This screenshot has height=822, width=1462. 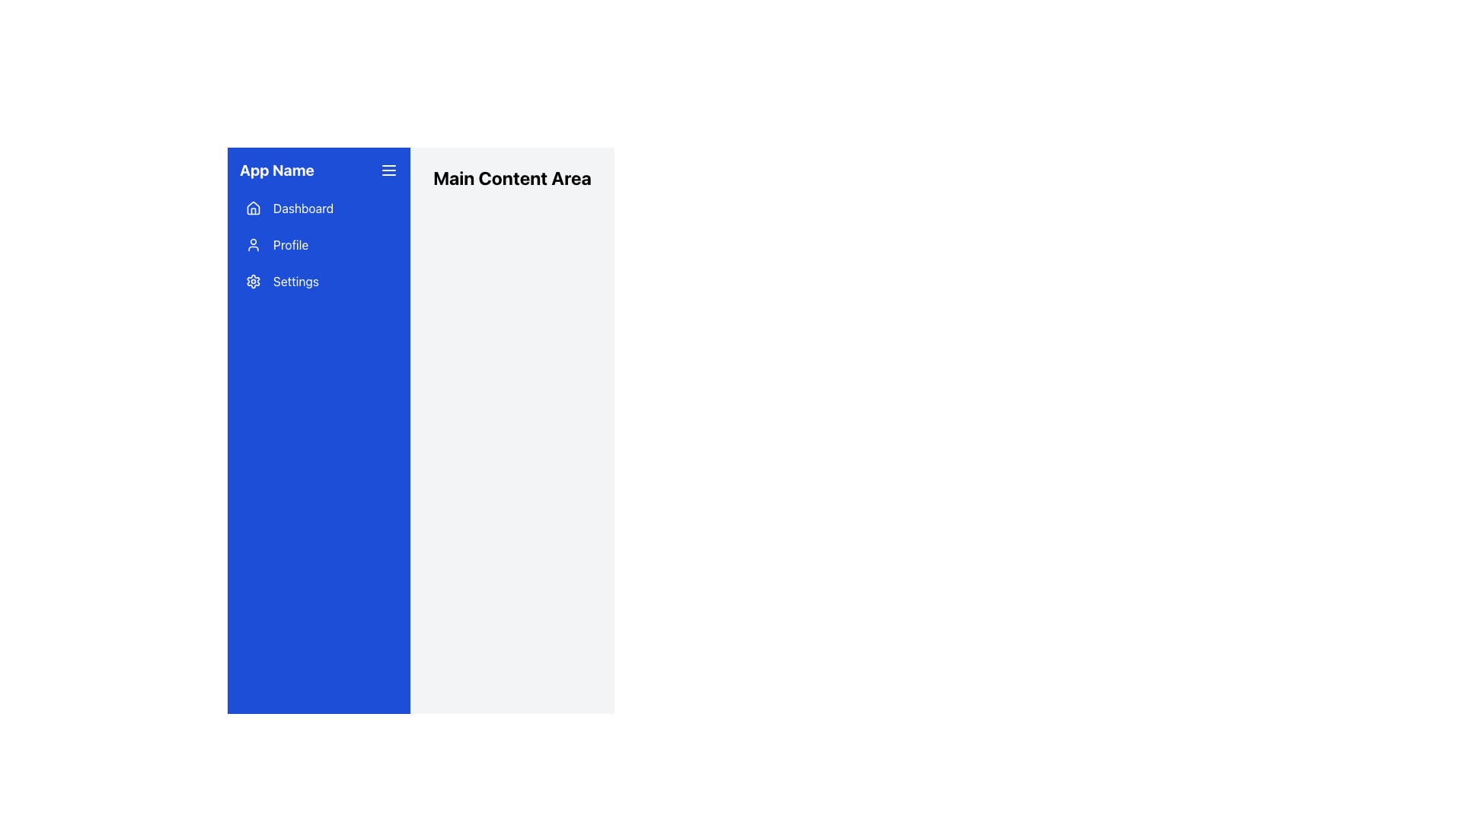 I want to click on the 'Profile' icon in the sidebar menu, which is the first visual element above the textual label 'Profile', so click(x=253, y=244).